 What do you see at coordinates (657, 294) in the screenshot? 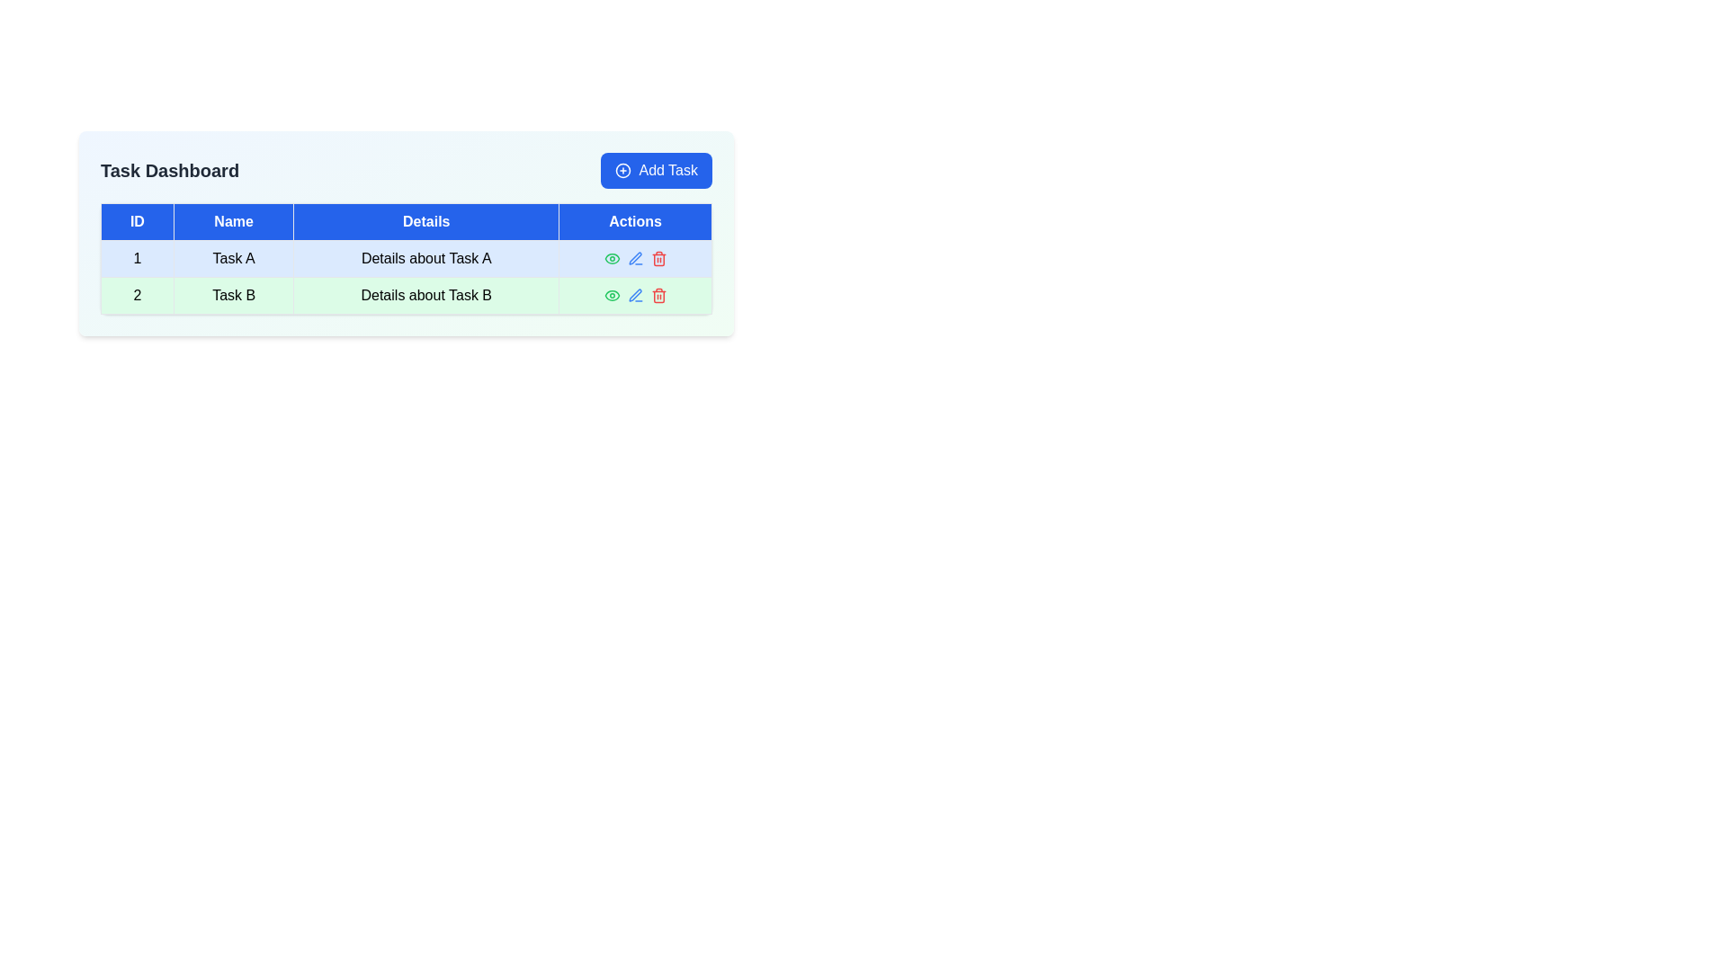
I see `the small red trash can icon in the 'Actions' column of the second row` at bounding box center [657, 294].